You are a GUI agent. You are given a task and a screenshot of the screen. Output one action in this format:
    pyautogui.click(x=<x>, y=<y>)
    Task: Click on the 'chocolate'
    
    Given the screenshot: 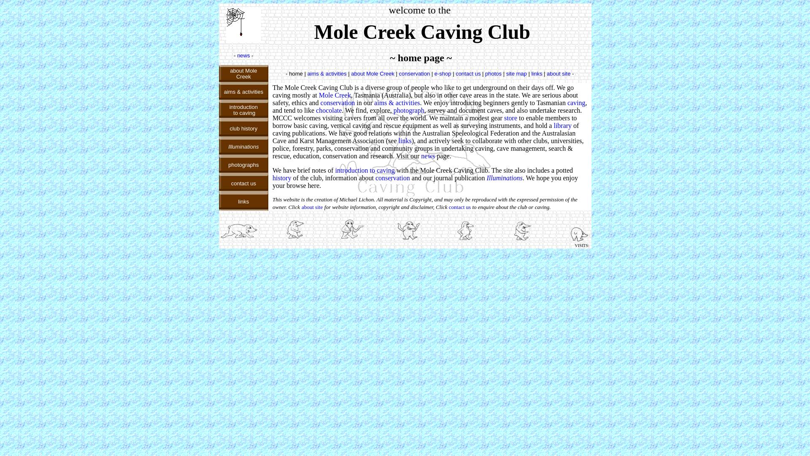 What is the action you would take?
    pyautogui.click(x=315, y=110)
    